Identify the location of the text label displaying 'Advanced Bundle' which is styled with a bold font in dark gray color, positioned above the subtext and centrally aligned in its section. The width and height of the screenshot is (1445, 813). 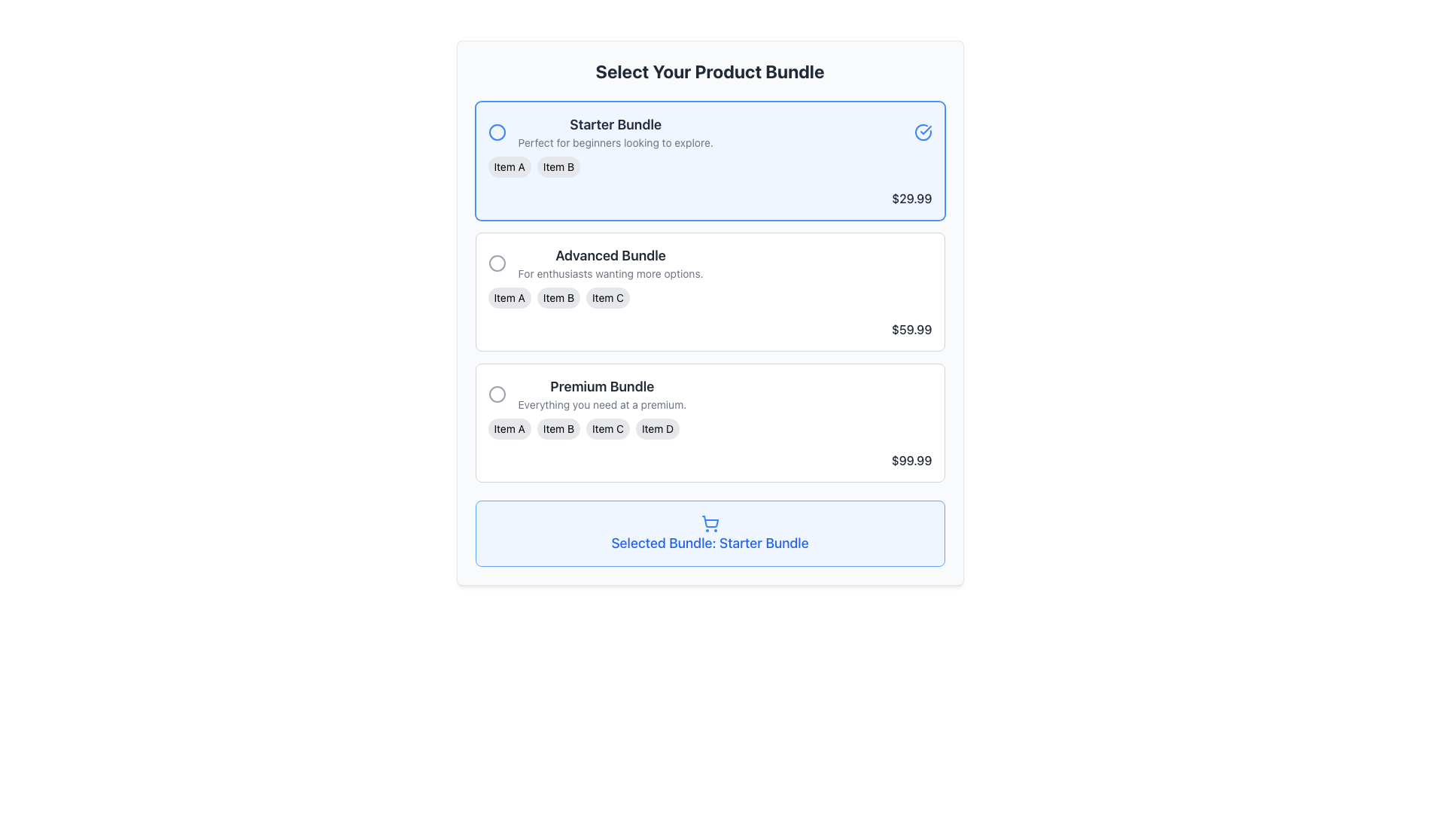
(610, 254).